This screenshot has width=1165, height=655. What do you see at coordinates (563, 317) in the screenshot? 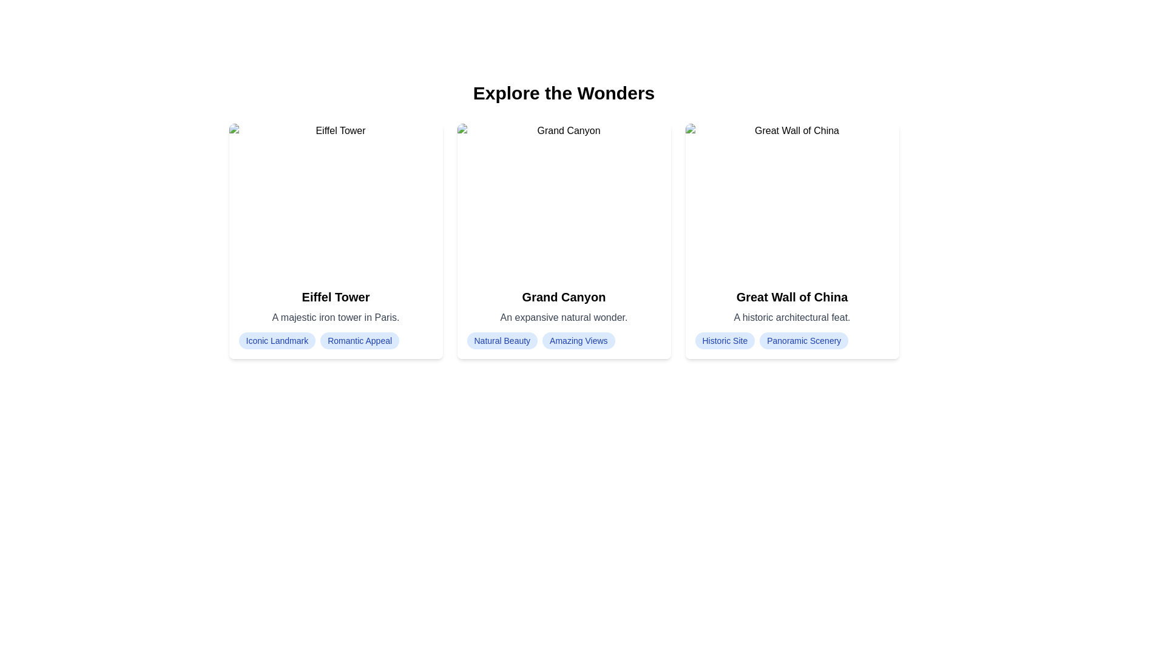
I see `descriptive text label that provides additional information about the 'Grand Canyon', located in the middle card below the text 'Grand Canyon'` at bounding box center [563, 317].